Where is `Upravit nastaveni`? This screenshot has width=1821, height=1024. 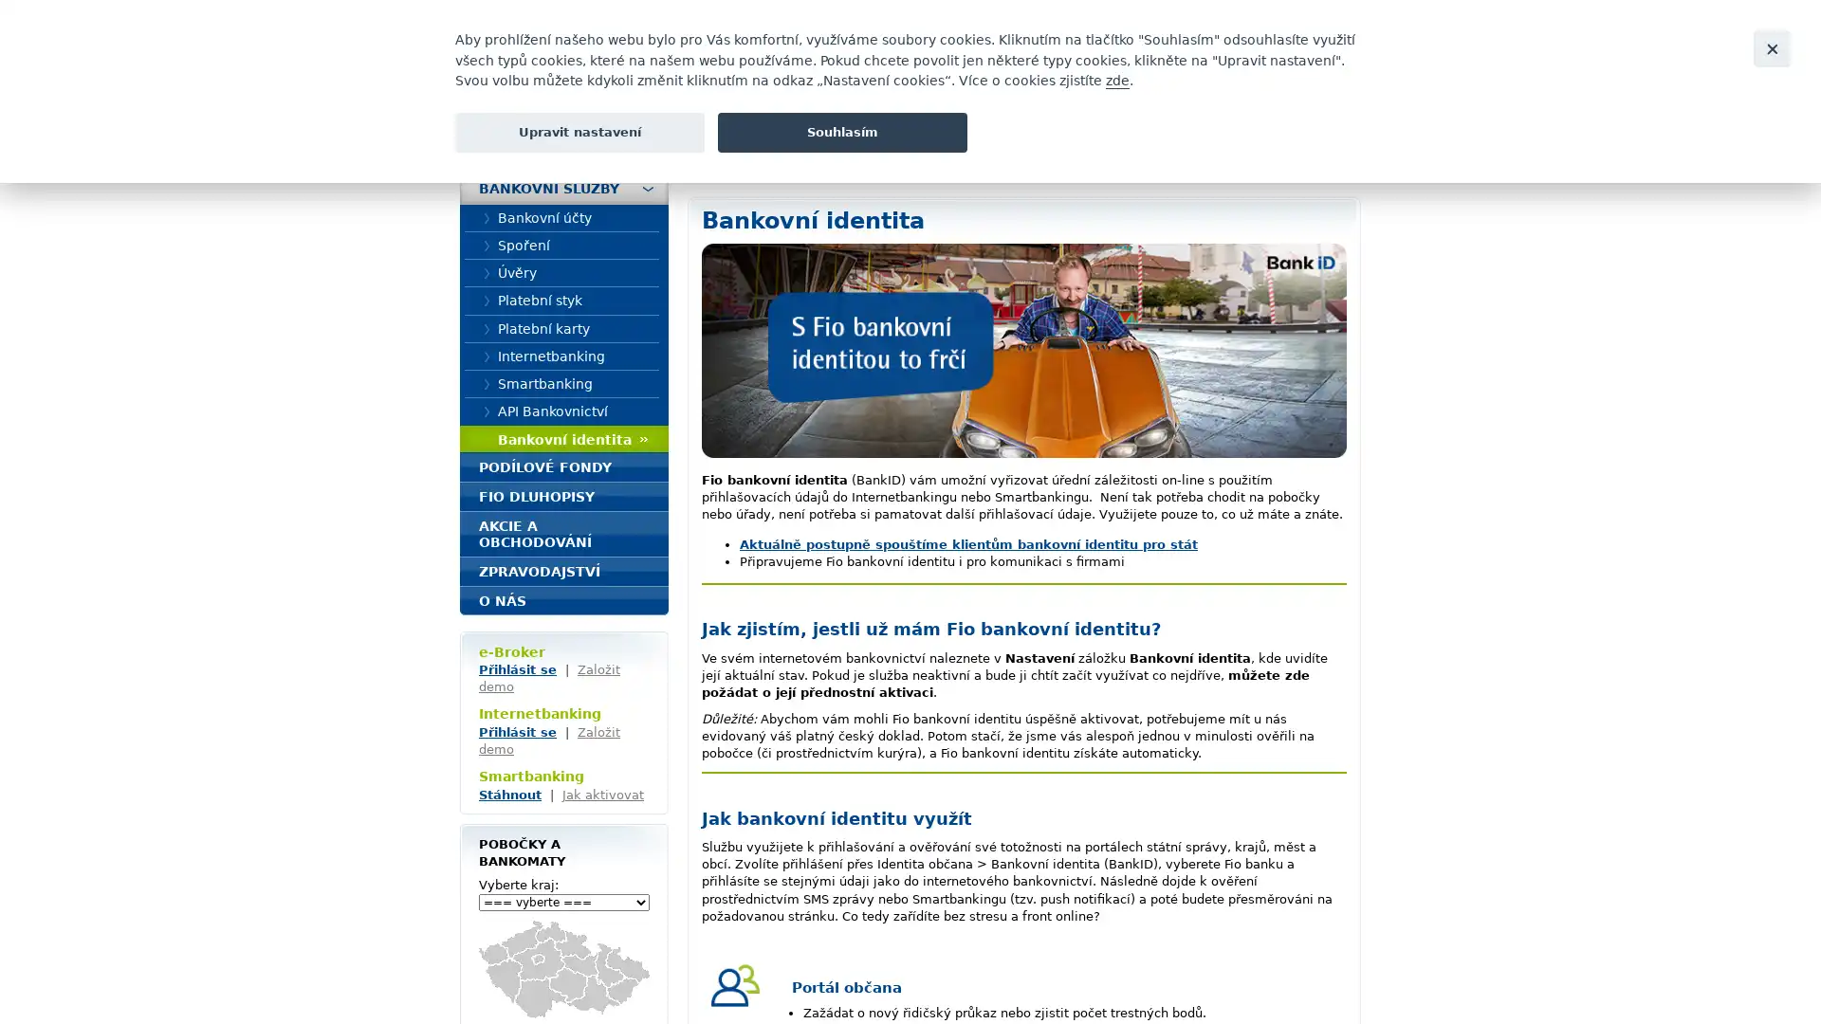
Upravit nastaveni is located at coordinates (579, 131).